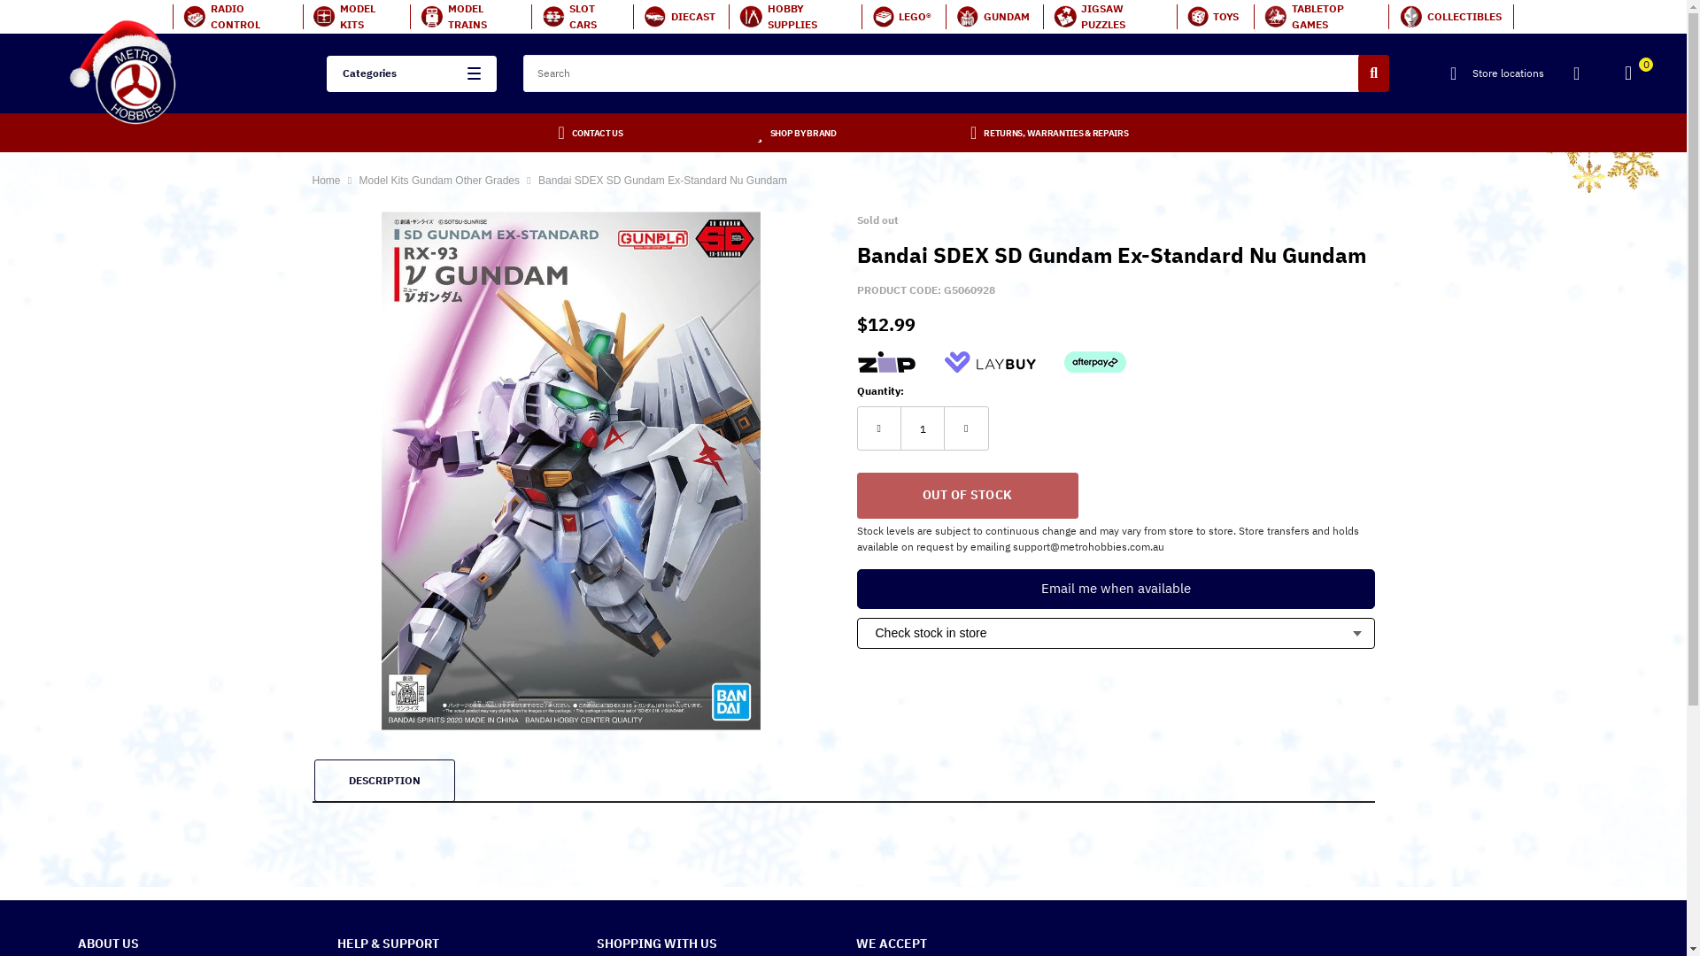 The image size is (1700, 956). What do you see at coordinates (1634, 74) in the screenshot?
I see `'0'` at bounding box center [1634, 74].